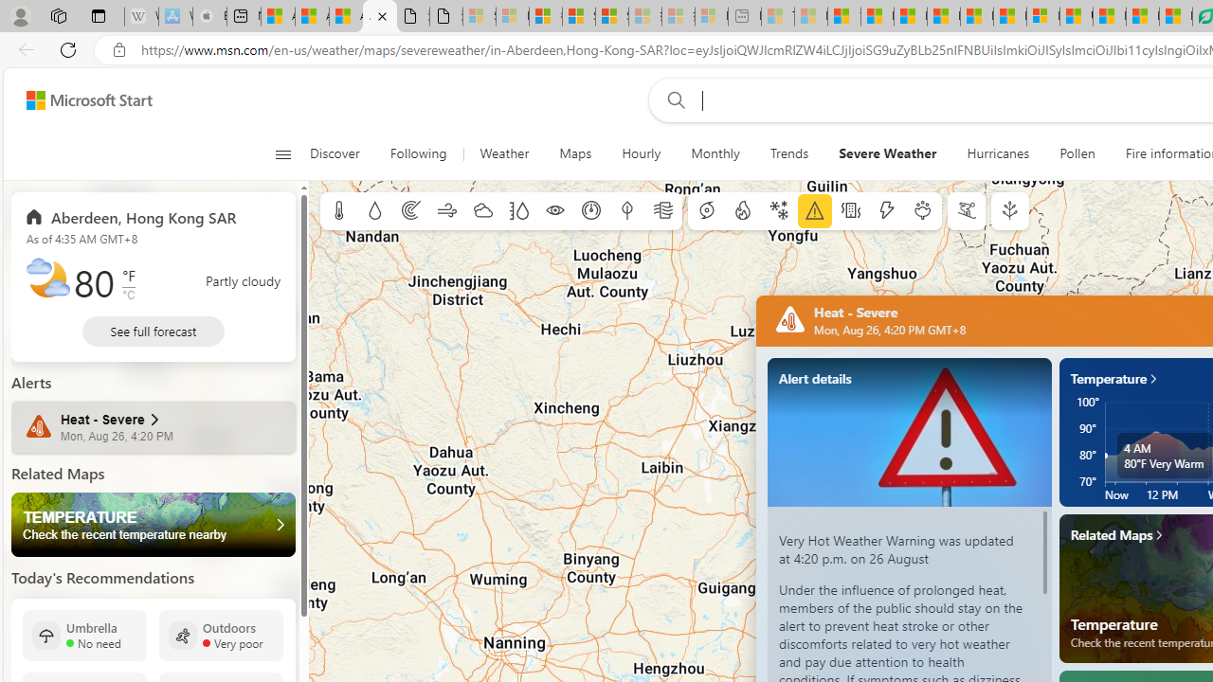 The width and height of the screenshot is (1213, 682). What do you see at coordinates (1077, 153) in the screenshot?
I see `'Pollen'` at bounding box center [1077, 153].